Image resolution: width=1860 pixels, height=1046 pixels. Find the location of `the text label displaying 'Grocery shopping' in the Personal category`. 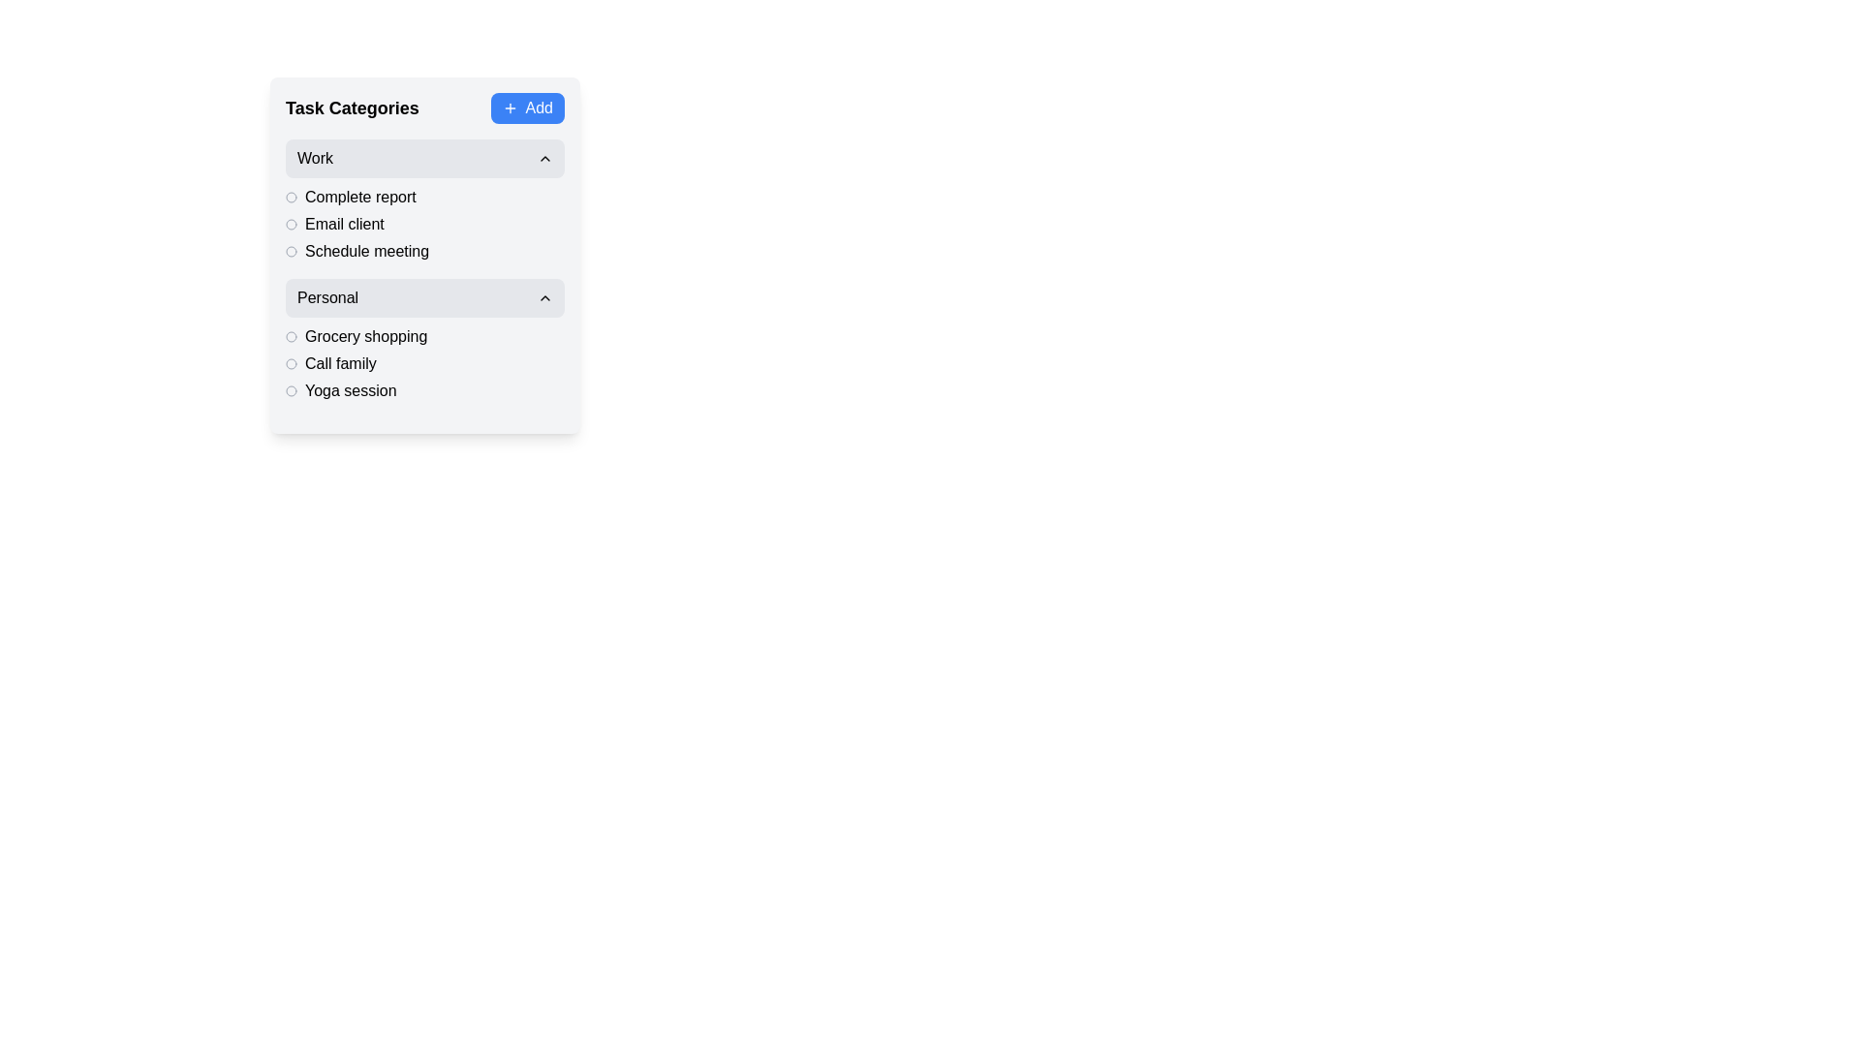

the text label displaying 'Grocery shopping' in the Personal category is located at coordinates (366, 335).